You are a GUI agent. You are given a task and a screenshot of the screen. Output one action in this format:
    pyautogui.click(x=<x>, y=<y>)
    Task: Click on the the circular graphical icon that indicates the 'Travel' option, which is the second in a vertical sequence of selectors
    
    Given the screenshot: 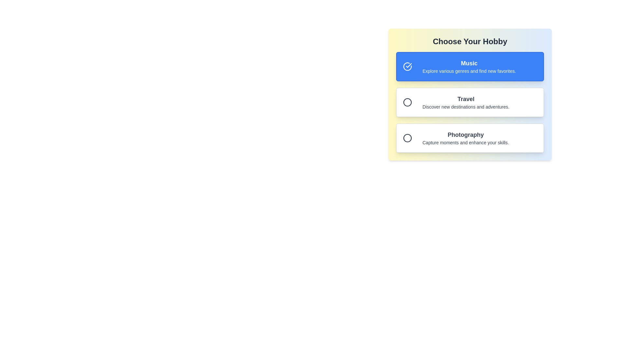 What is the action you would take?
    pyautogui.click(x=407, y=102)
    